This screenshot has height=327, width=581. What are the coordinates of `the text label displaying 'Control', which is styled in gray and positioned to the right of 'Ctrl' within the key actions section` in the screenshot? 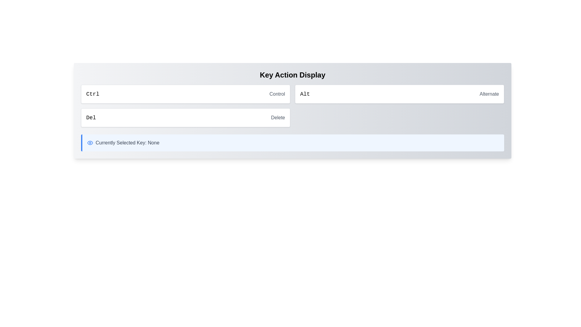 It's located at (277, 94).